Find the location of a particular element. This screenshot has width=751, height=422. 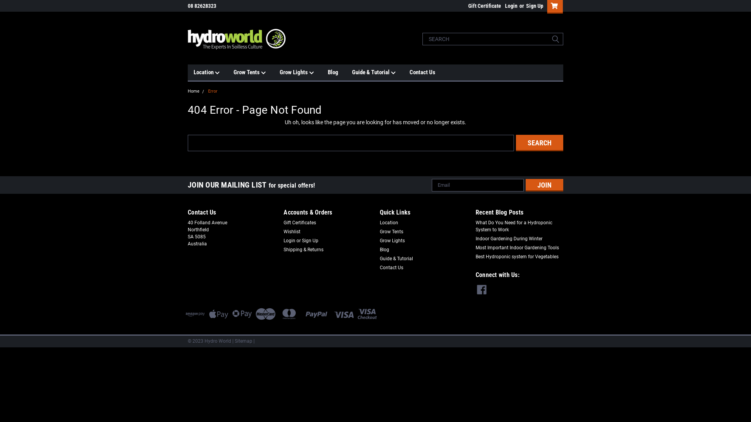

'Hydro World' is located at coordinates (236, 39).